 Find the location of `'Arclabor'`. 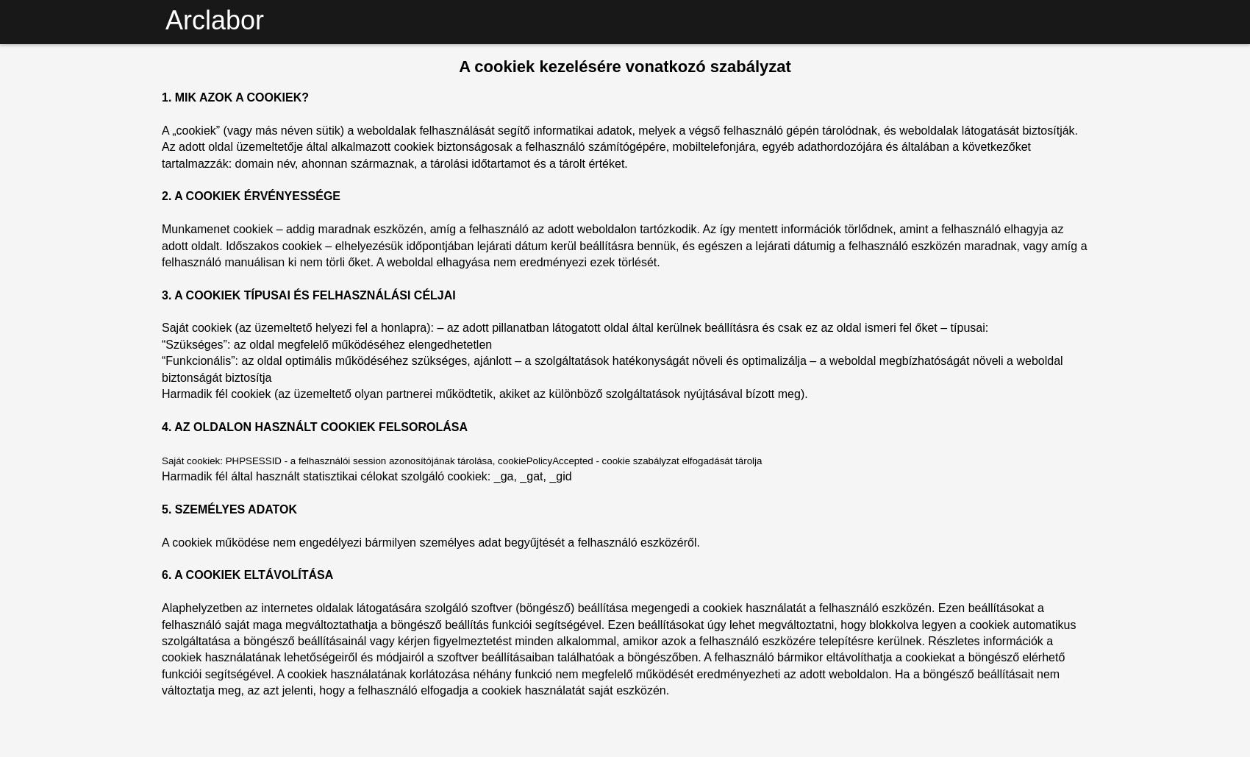

'Arclabor' is located at coordinates (215, 20).